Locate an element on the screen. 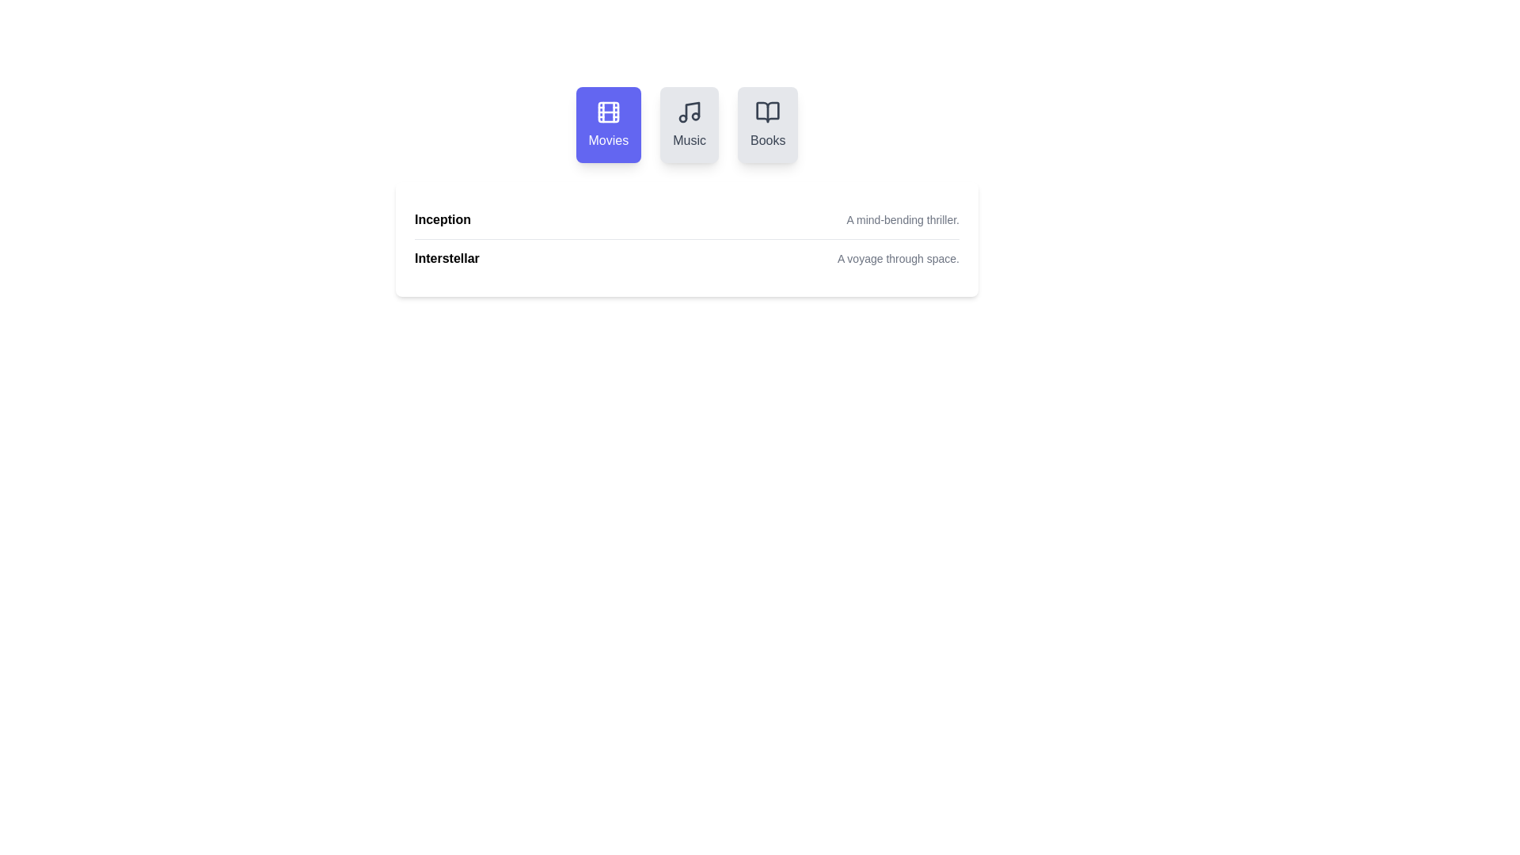 This screenshot has height=855, width=1520. the Music tab is located at coordinates (690, 124).